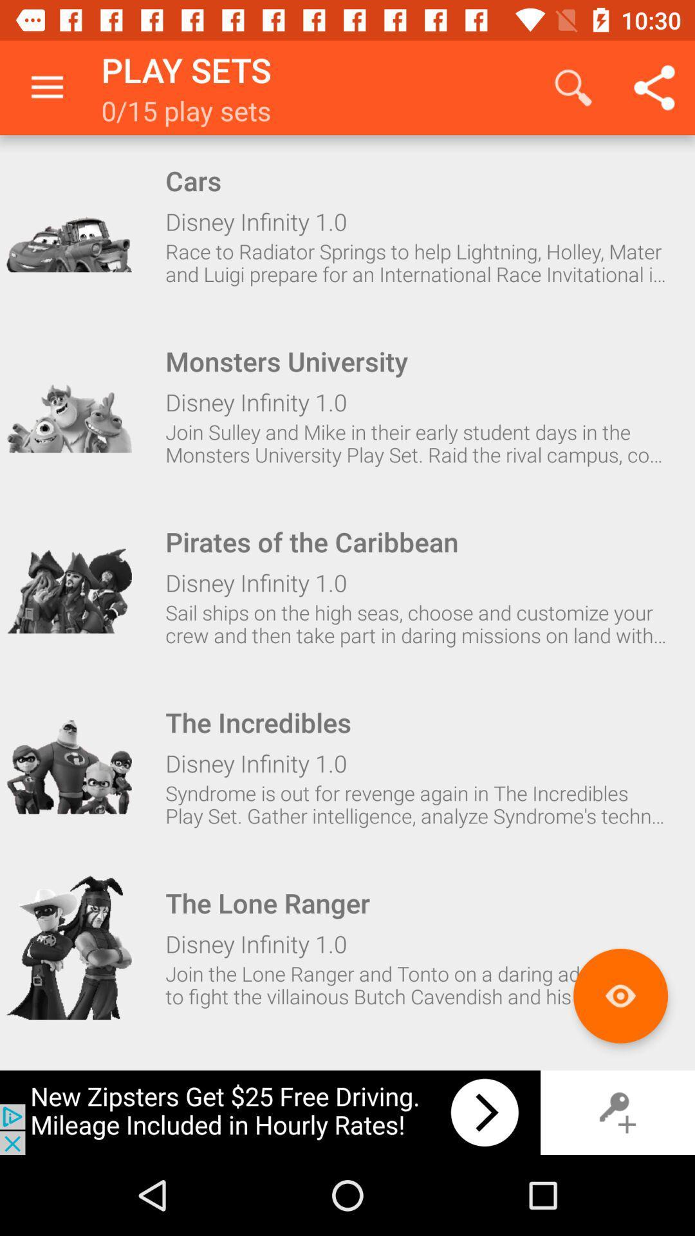 Image resolution: width=695 pixels, height=1236 pixels. I want to click on the incredibles, so click(69, 767).